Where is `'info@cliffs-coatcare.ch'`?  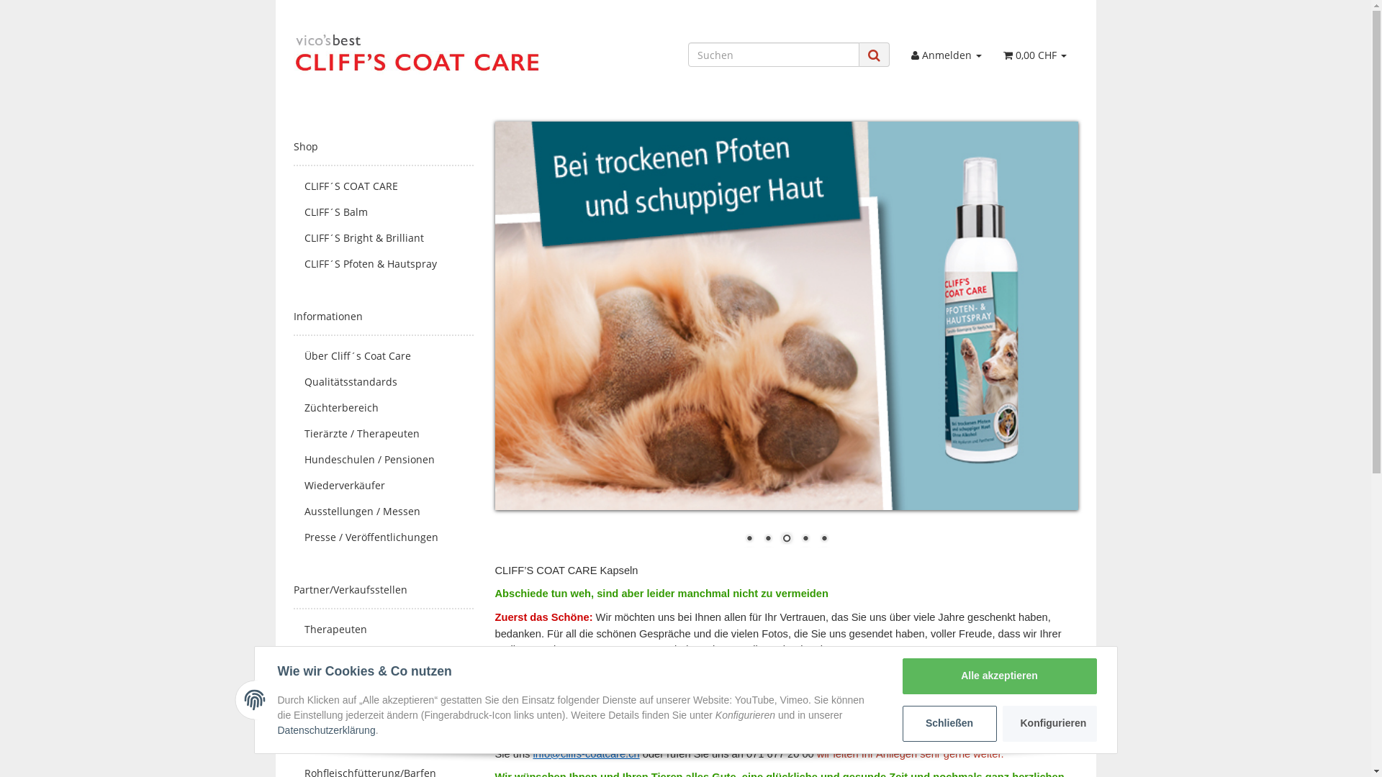 'info@cliffs-coatcare.ch' is located at coordinates (586, 753).